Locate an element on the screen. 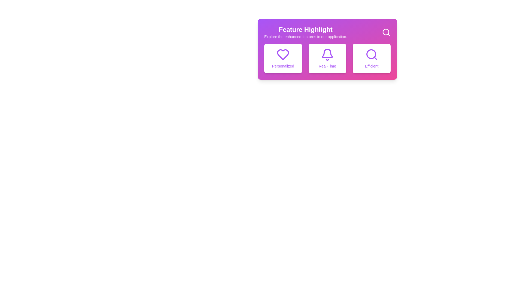 This screenshot has width=523, height=294. the 'Real-Time' notifications icon located in the second card of the purple gradient box is located at coordinates (327, 54).